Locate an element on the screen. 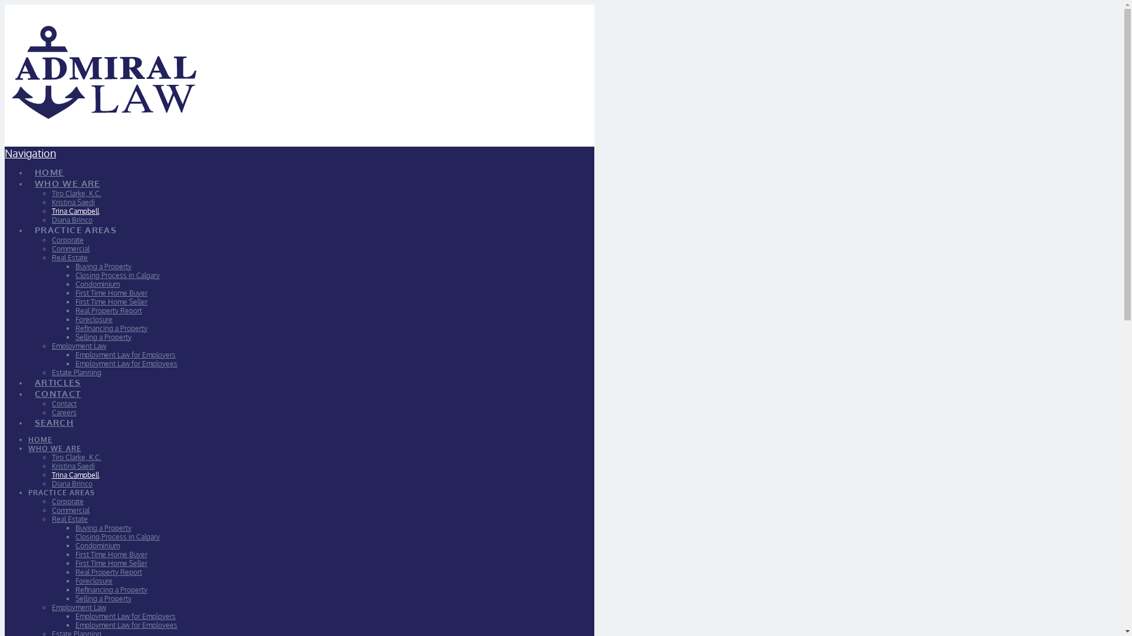 The image size is (1132, 636). 'Navigation' is located at coordinates (30, 152).